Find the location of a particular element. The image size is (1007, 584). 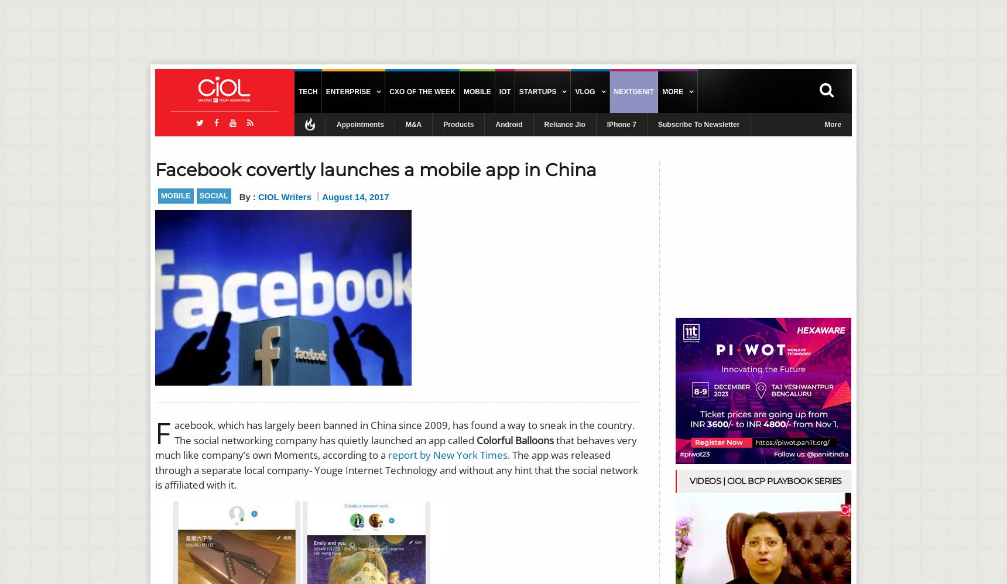

'Facebook, which has largely been banned in China since 2009, has found a way to sneak in the country. The social networking company has quietly launched an app called' is located at coordinates (155, 432).